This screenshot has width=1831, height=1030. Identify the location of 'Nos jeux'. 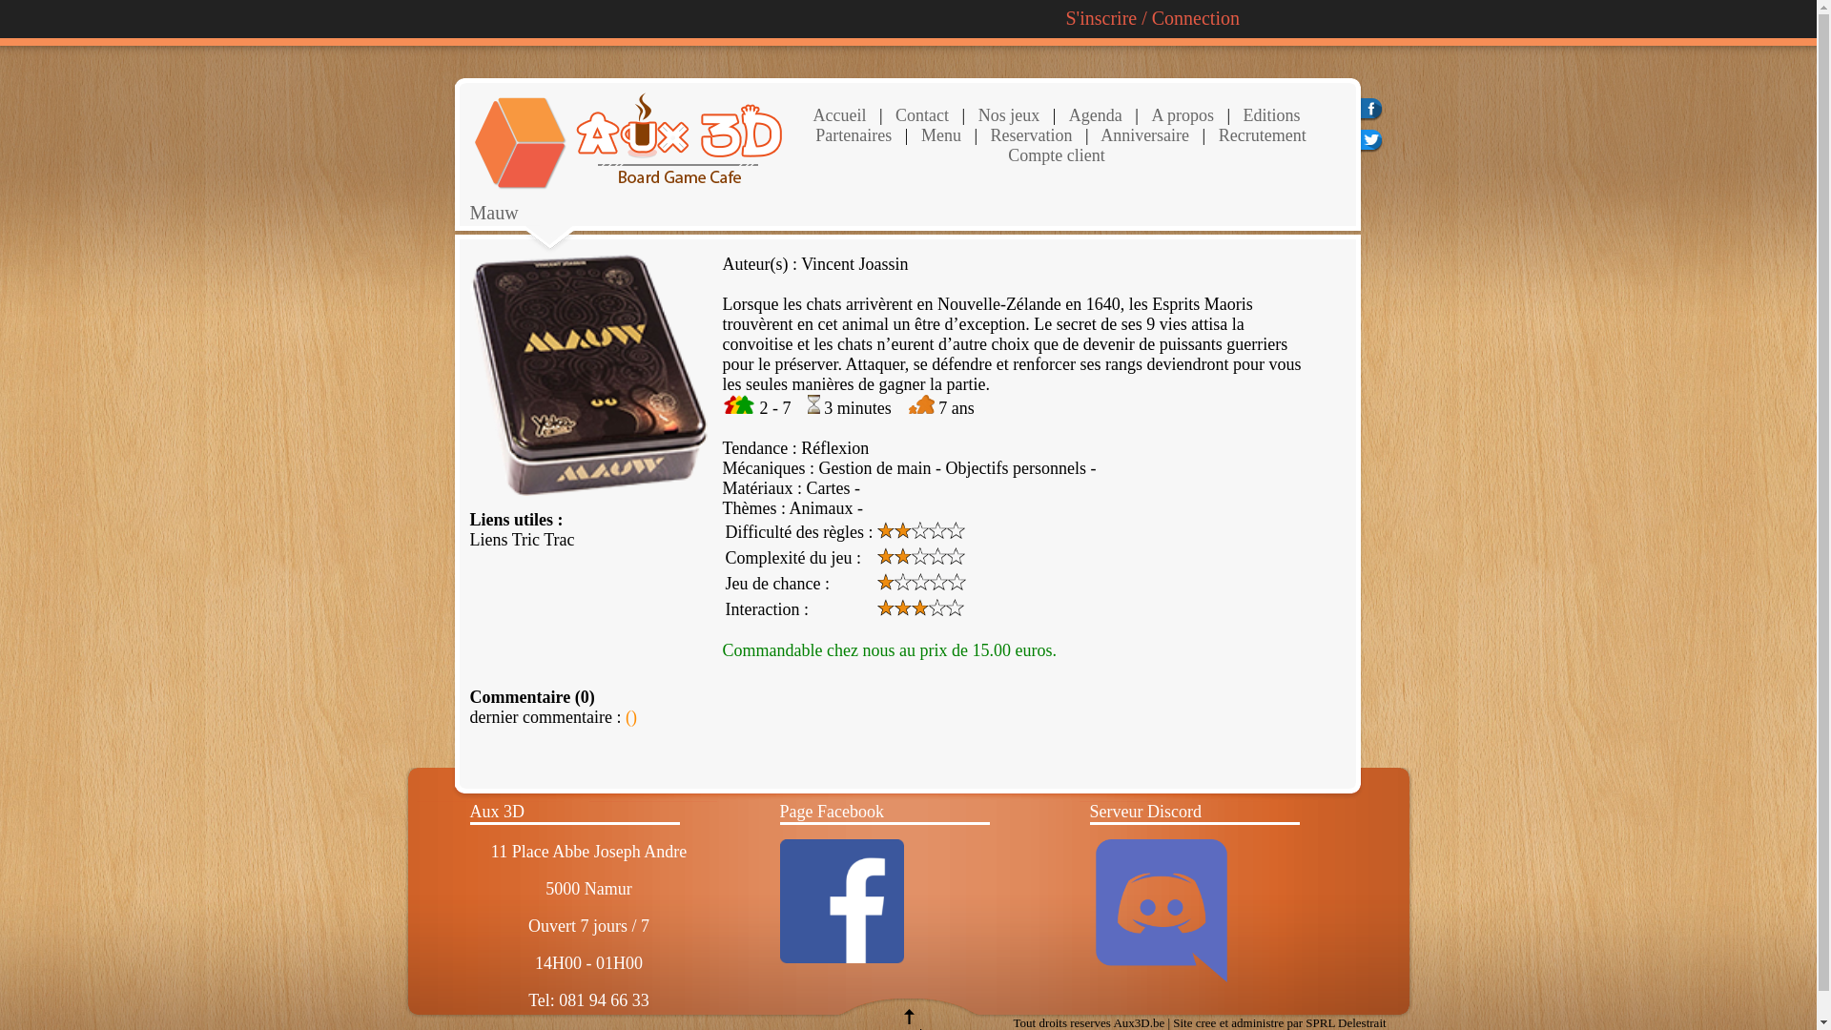
(1005, 114).